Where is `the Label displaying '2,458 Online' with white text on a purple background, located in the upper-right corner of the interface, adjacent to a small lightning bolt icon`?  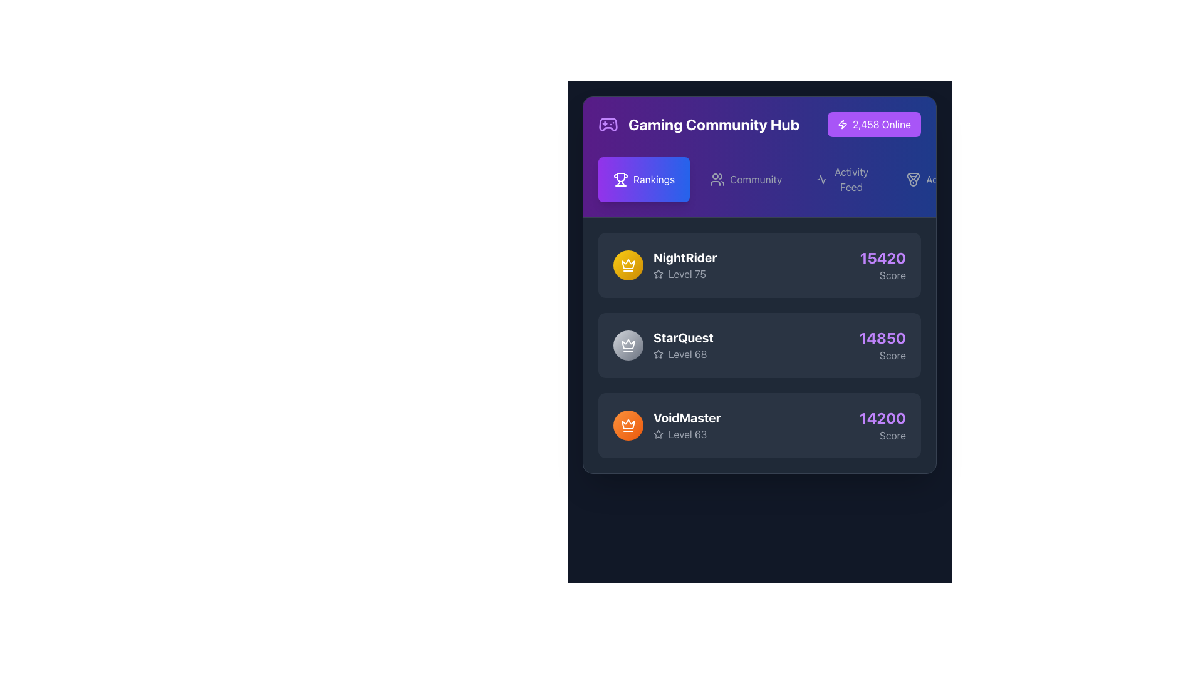
the Label displaying '2,458 Online' with white text on a purple background, located in the upper-right corner of the interface, adjacent to a small lightning bolt icon is located at coordinates (881, 125).